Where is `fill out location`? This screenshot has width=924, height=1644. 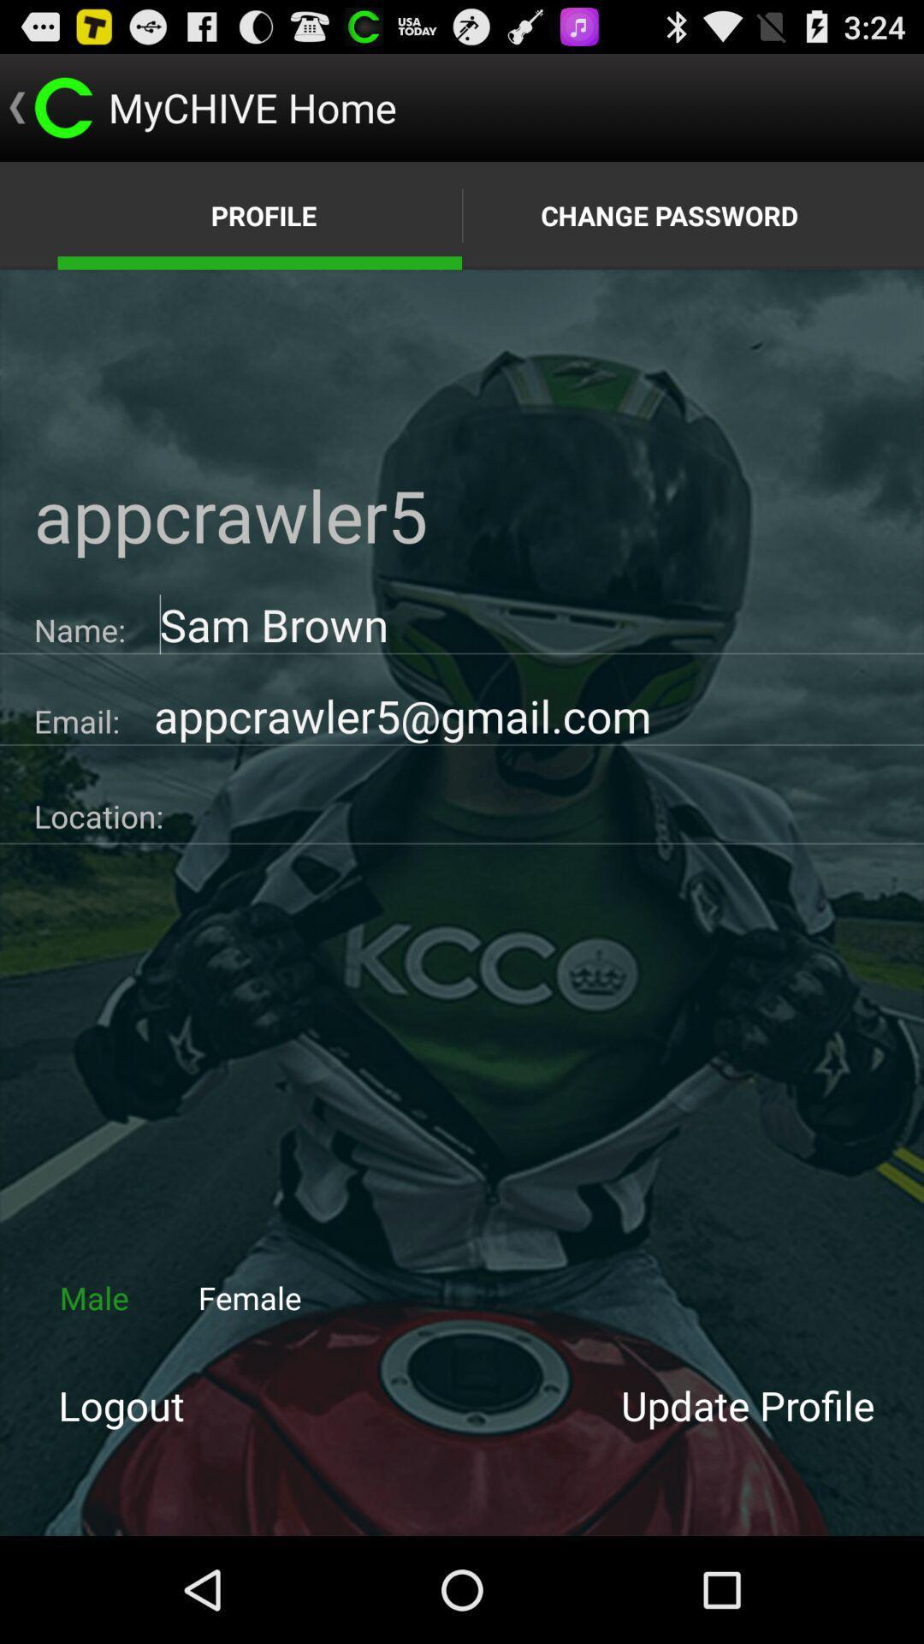 fill out location is located at coordinates (543, 809).